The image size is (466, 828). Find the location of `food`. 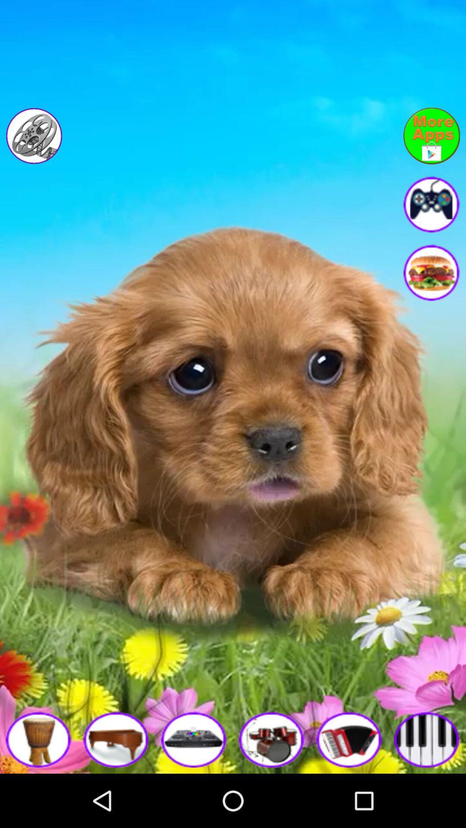

food is located at coordinates (431, 272).